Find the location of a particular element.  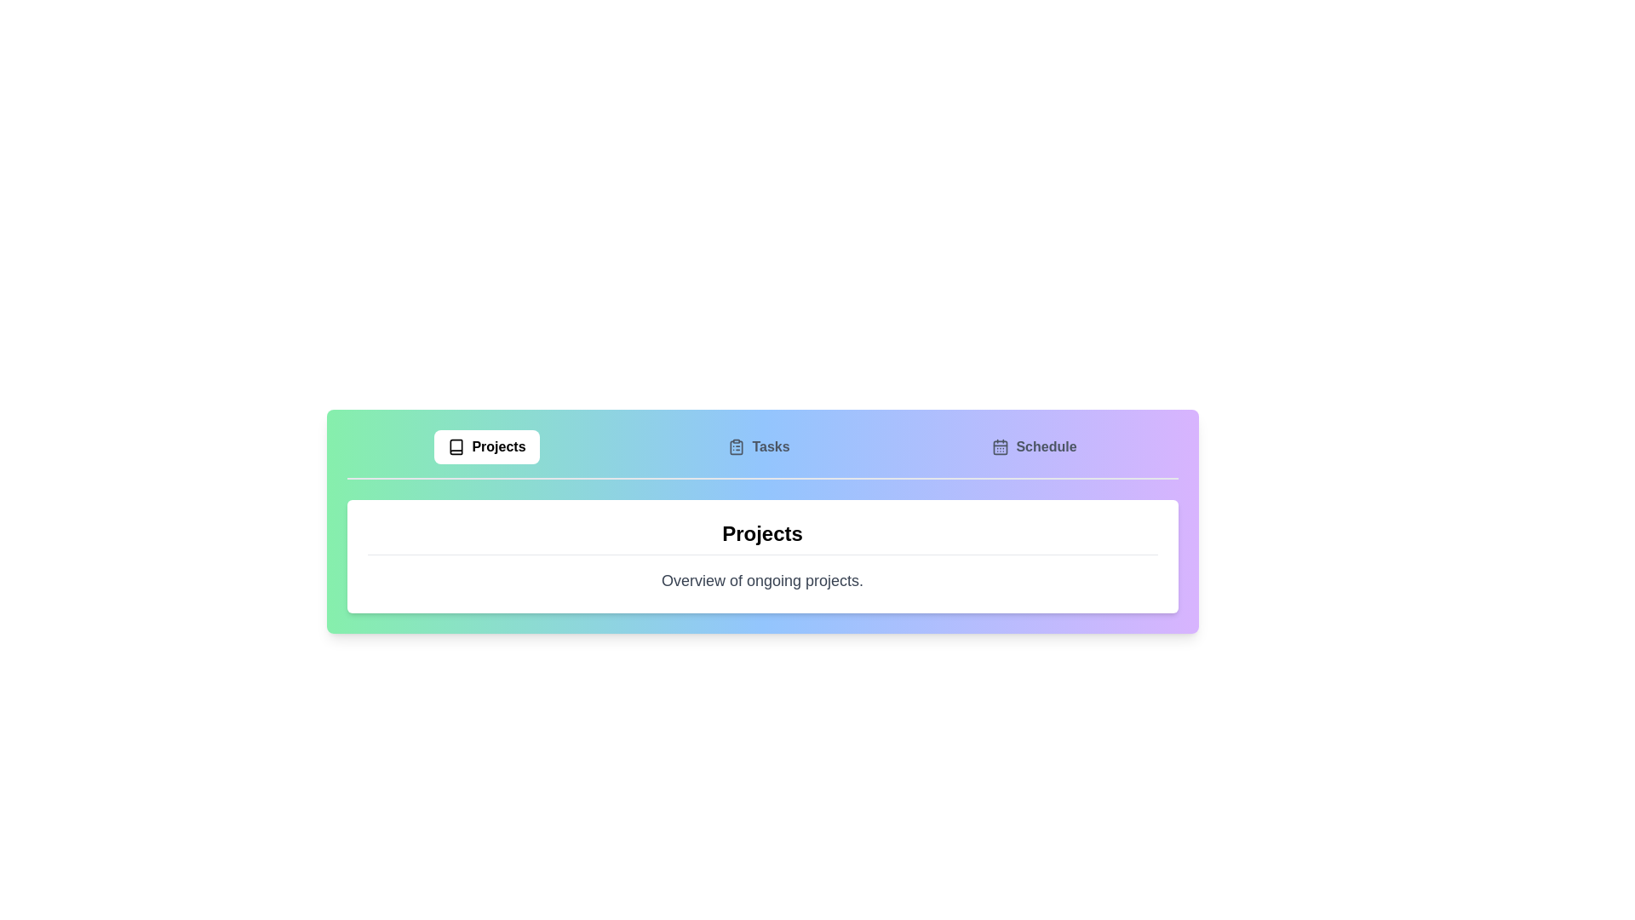

the Projects tab by clicking on its corresponding button is located at coordinates (485, 446).